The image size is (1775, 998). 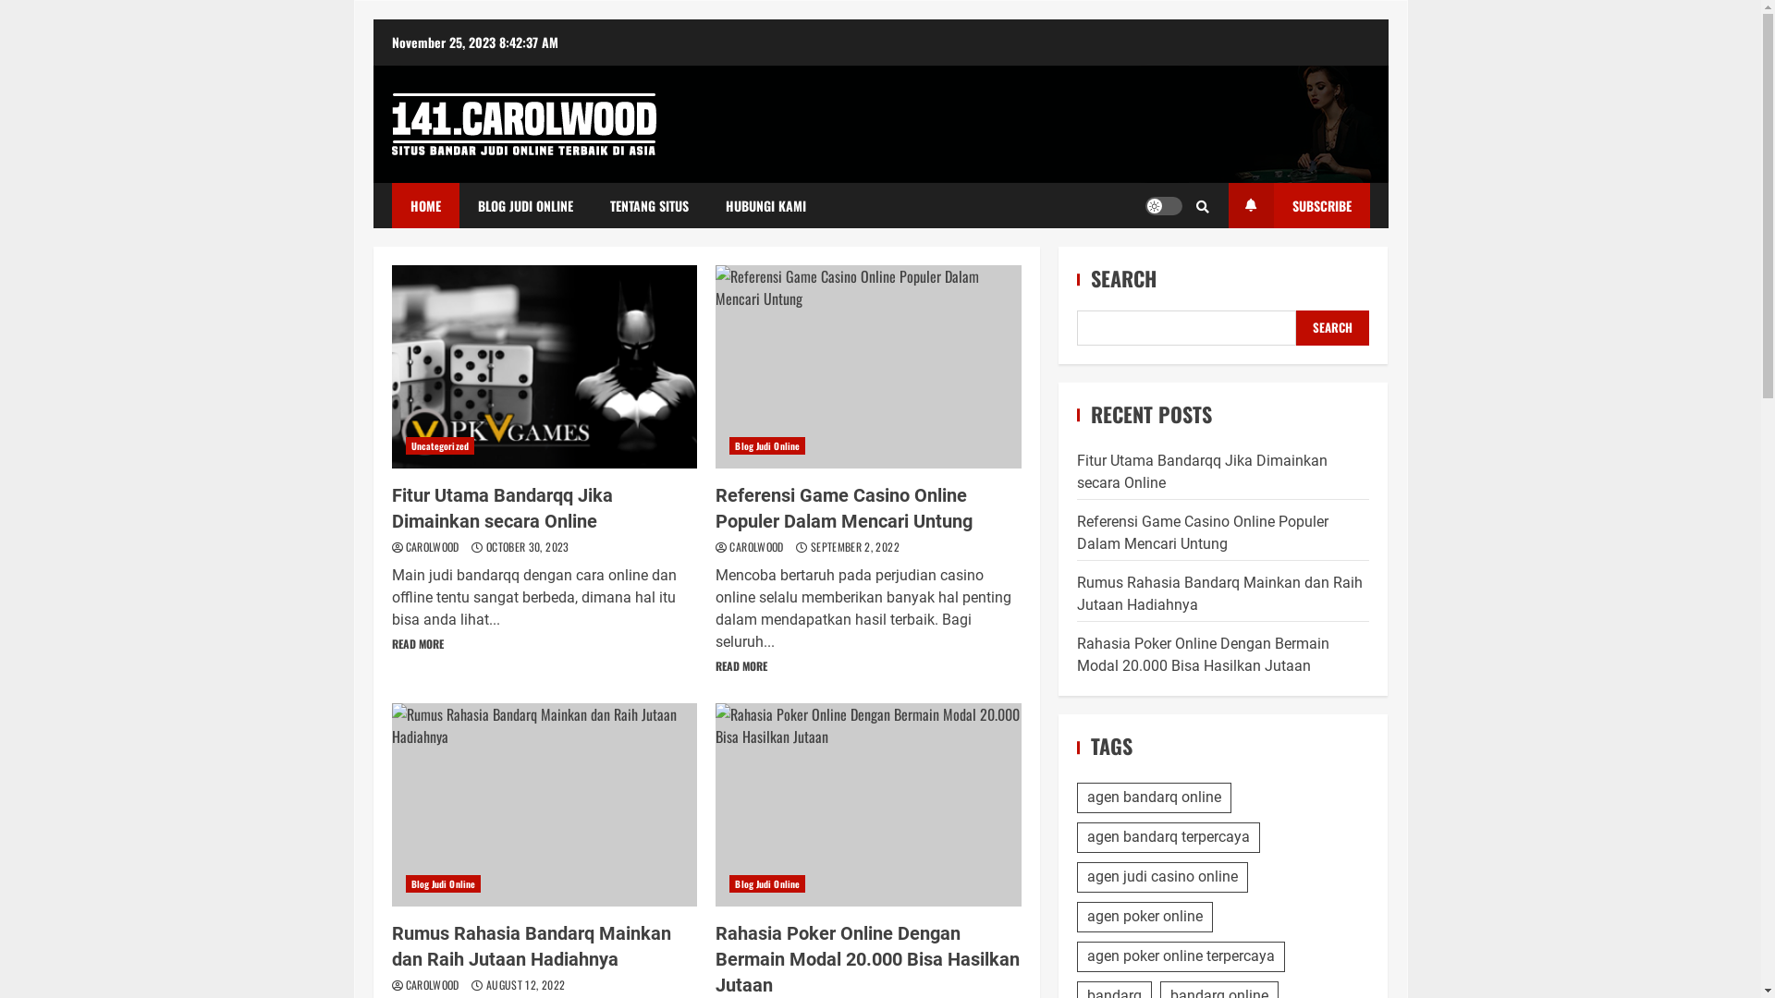 What do you see at coordinates (1180, 956) in the screenshot?
I see `'agen poker online terpercaya'` at bounding box center [1180, 956].